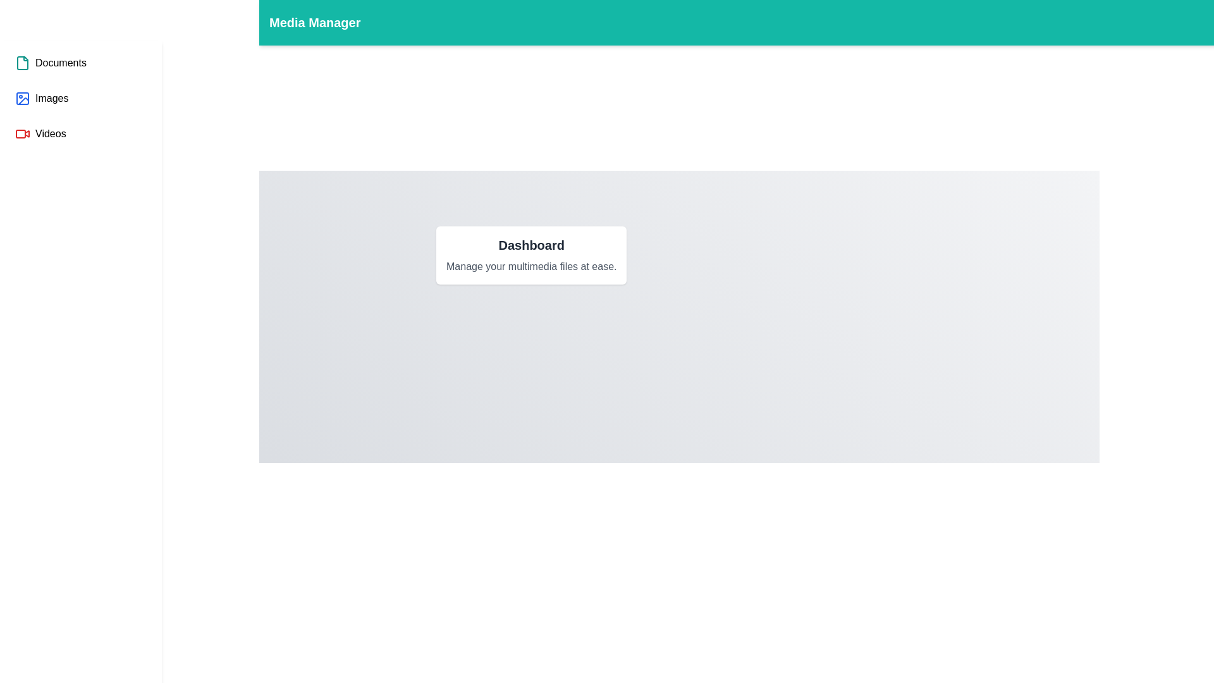 The width and height of the screenshot is (1214, 683). Describe the element at coordinates (531, 255) in the screenshot. I see `the Informational Card with the text 'Dashboard' at the center of the visible area` at that location.